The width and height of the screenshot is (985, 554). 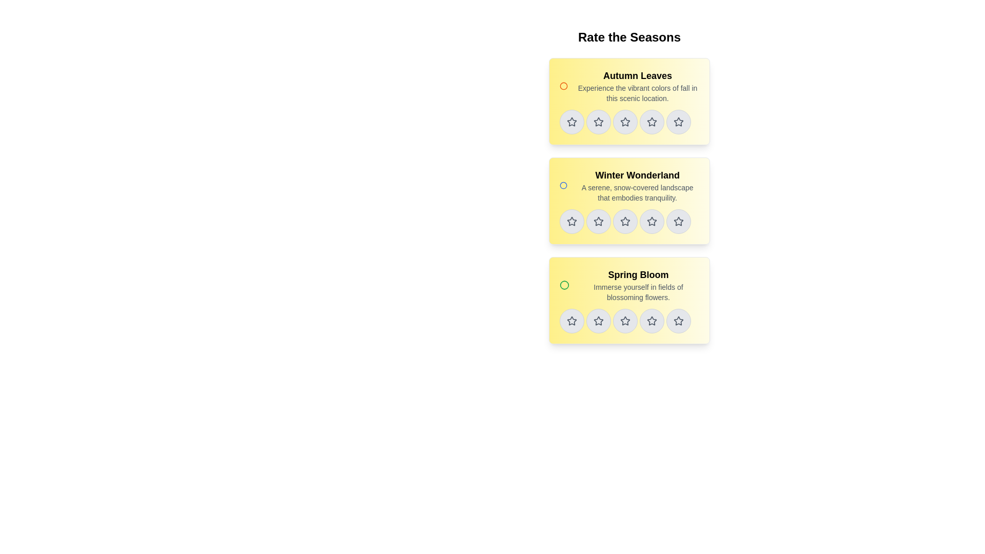 What do you see at coordinates (563, 86) in the screenshot?
I see `the circular icon with an orange outline located next to the text 'Autumn Leaves' in the top-left section of the yellow card` at bounding box center [563, 86].